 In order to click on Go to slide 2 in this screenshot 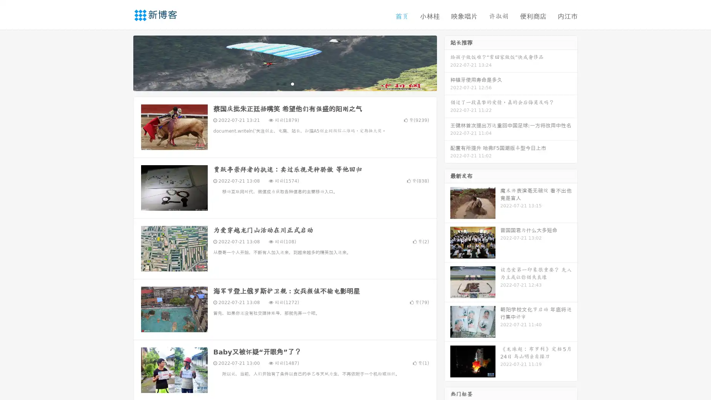, I will do `click(284, 83)`.